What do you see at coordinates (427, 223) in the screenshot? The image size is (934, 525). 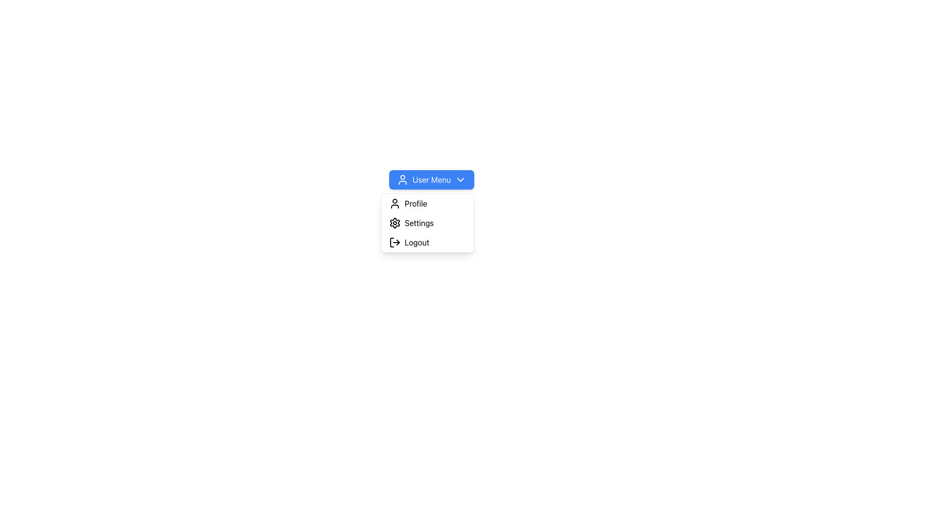 I see `the 'Settings' option in the dropdown menu located directly below the 'User Menu' button` at bounding box center [427, 223].